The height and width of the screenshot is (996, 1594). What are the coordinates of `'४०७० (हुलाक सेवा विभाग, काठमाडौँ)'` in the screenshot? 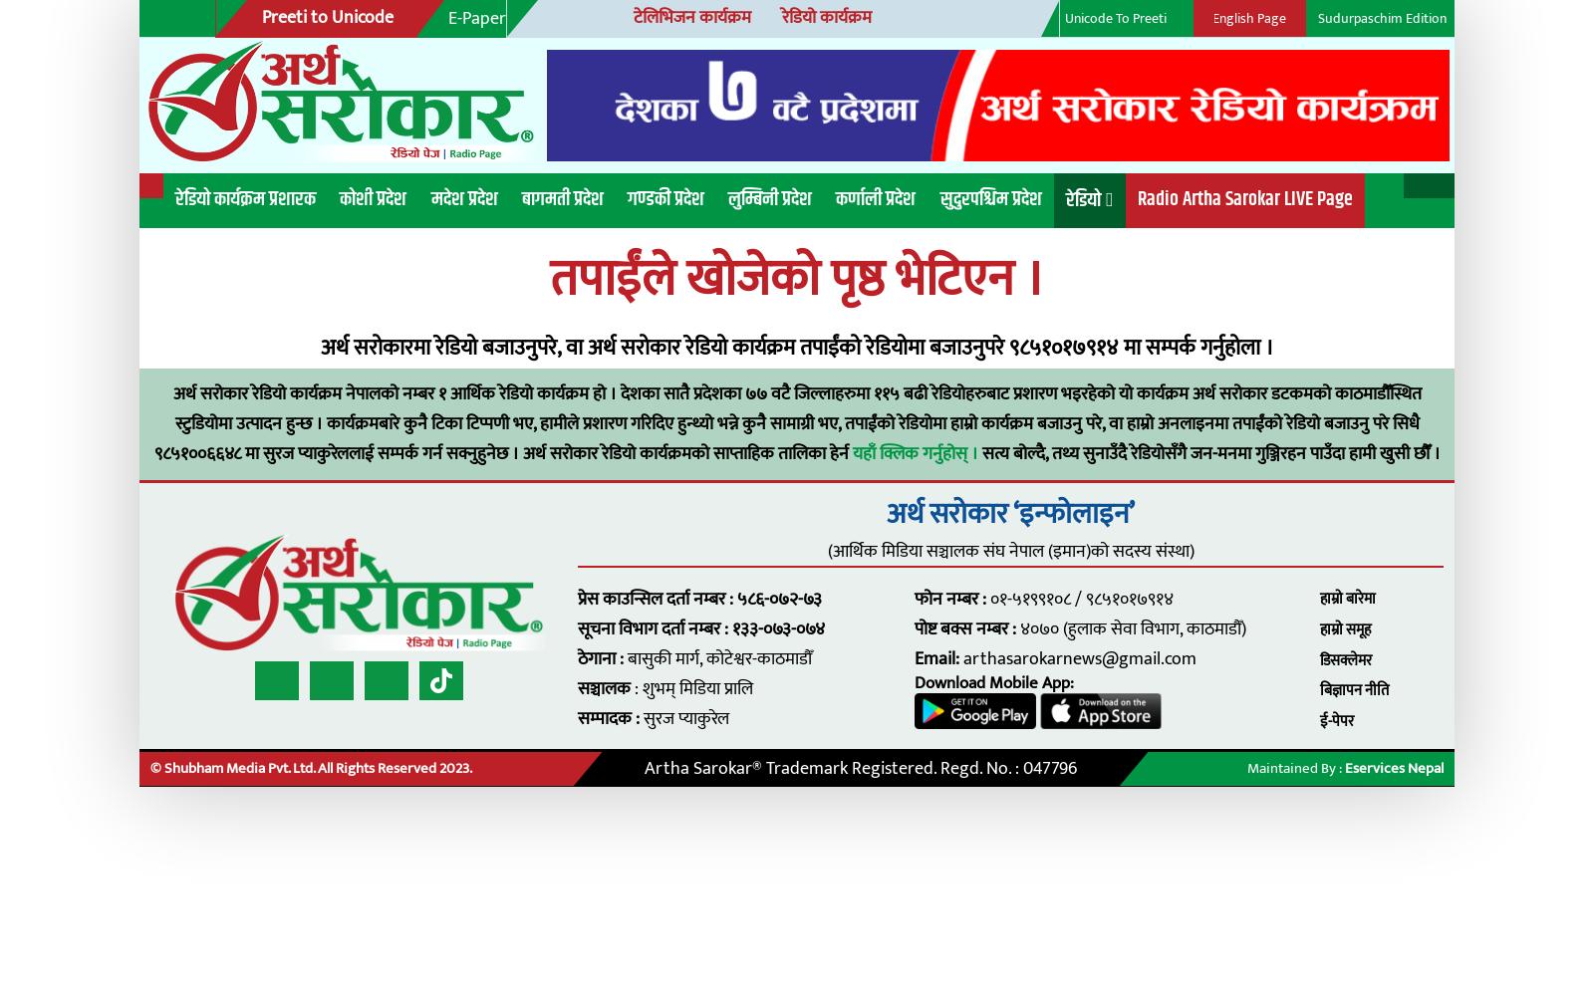 It's located at (923, 570).